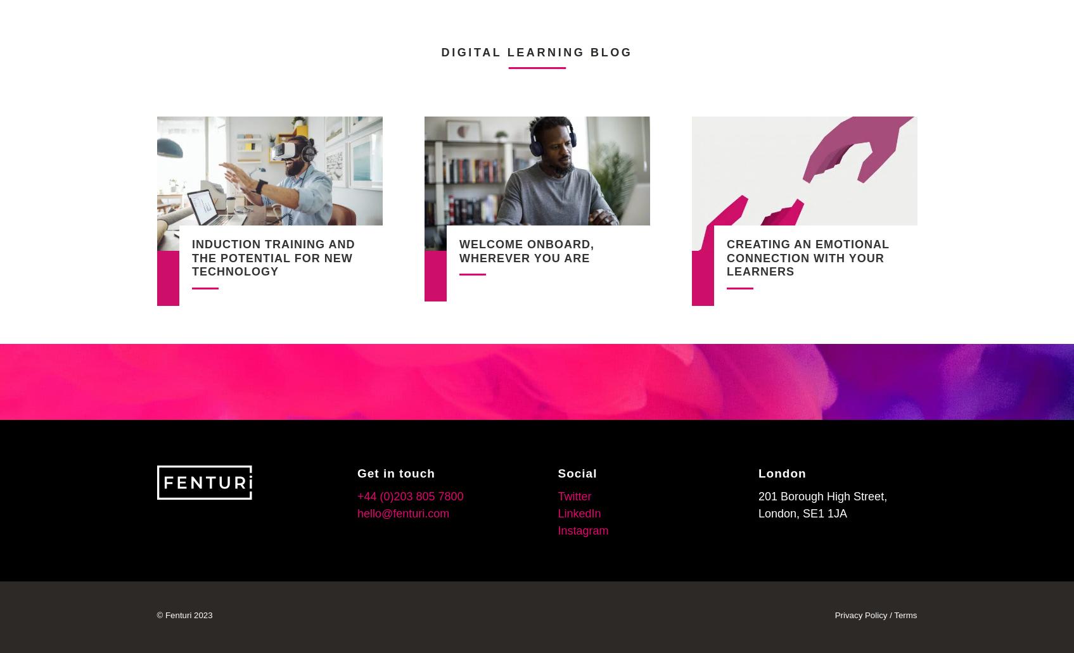 The width and height of the screenshot is (1074, 653). What do you see at coordinates (557, 472) in the screenshot?
I see `'Social'` at bounding box center [557, 472].